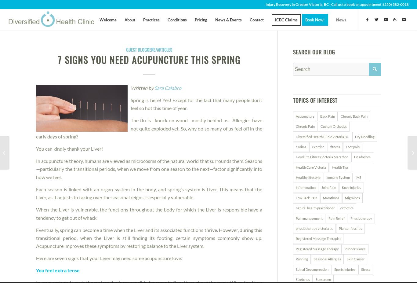  Describe the element at coordinates (36, 270) in the screenshot. I see `'You feel extra tense'` at that location.